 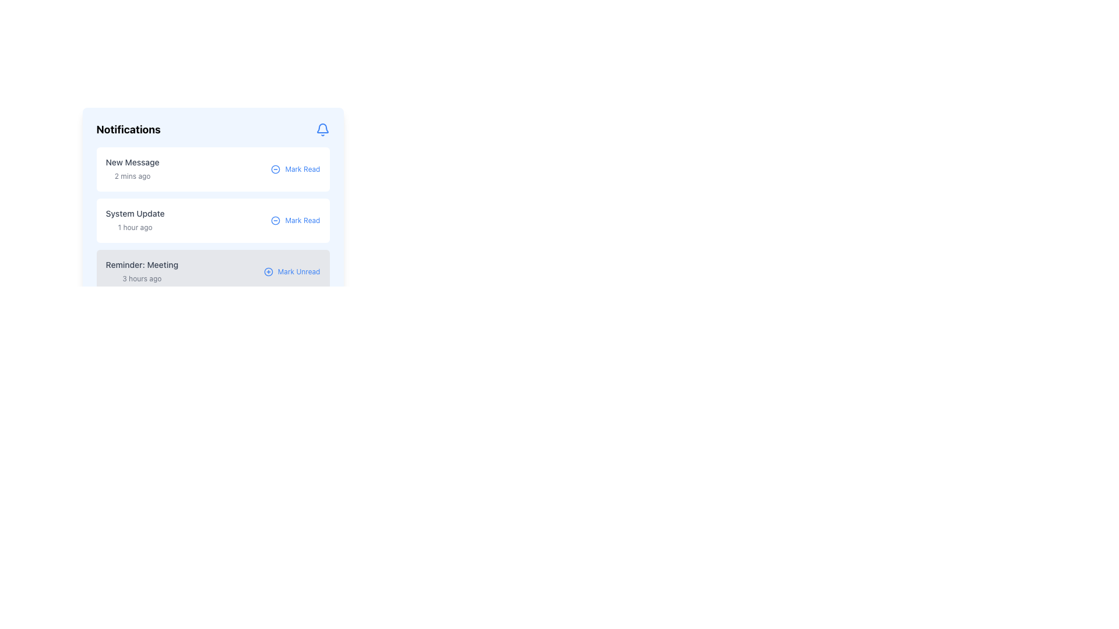 What do you see at coordinates (292, 271) in the screenshot?
I see `the 'Mark Unread' button, which features a blue text and a '+' icon, located in the 'Reminder: Meeting' section of the notification panel` at bounding box center [292, 271].